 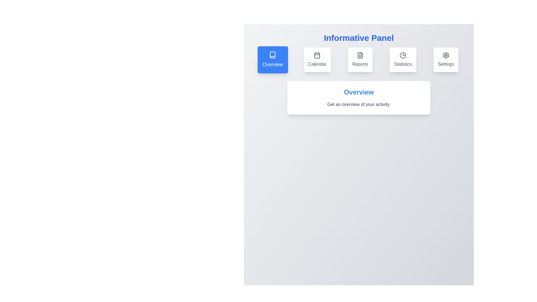 What do you see at coordinates (273, 55) in the screenshot?
I see `the compact book icon with white outlines on a blue background located in the sidebar menu next to the 'Overview' label` at bounding box center [273, 55].